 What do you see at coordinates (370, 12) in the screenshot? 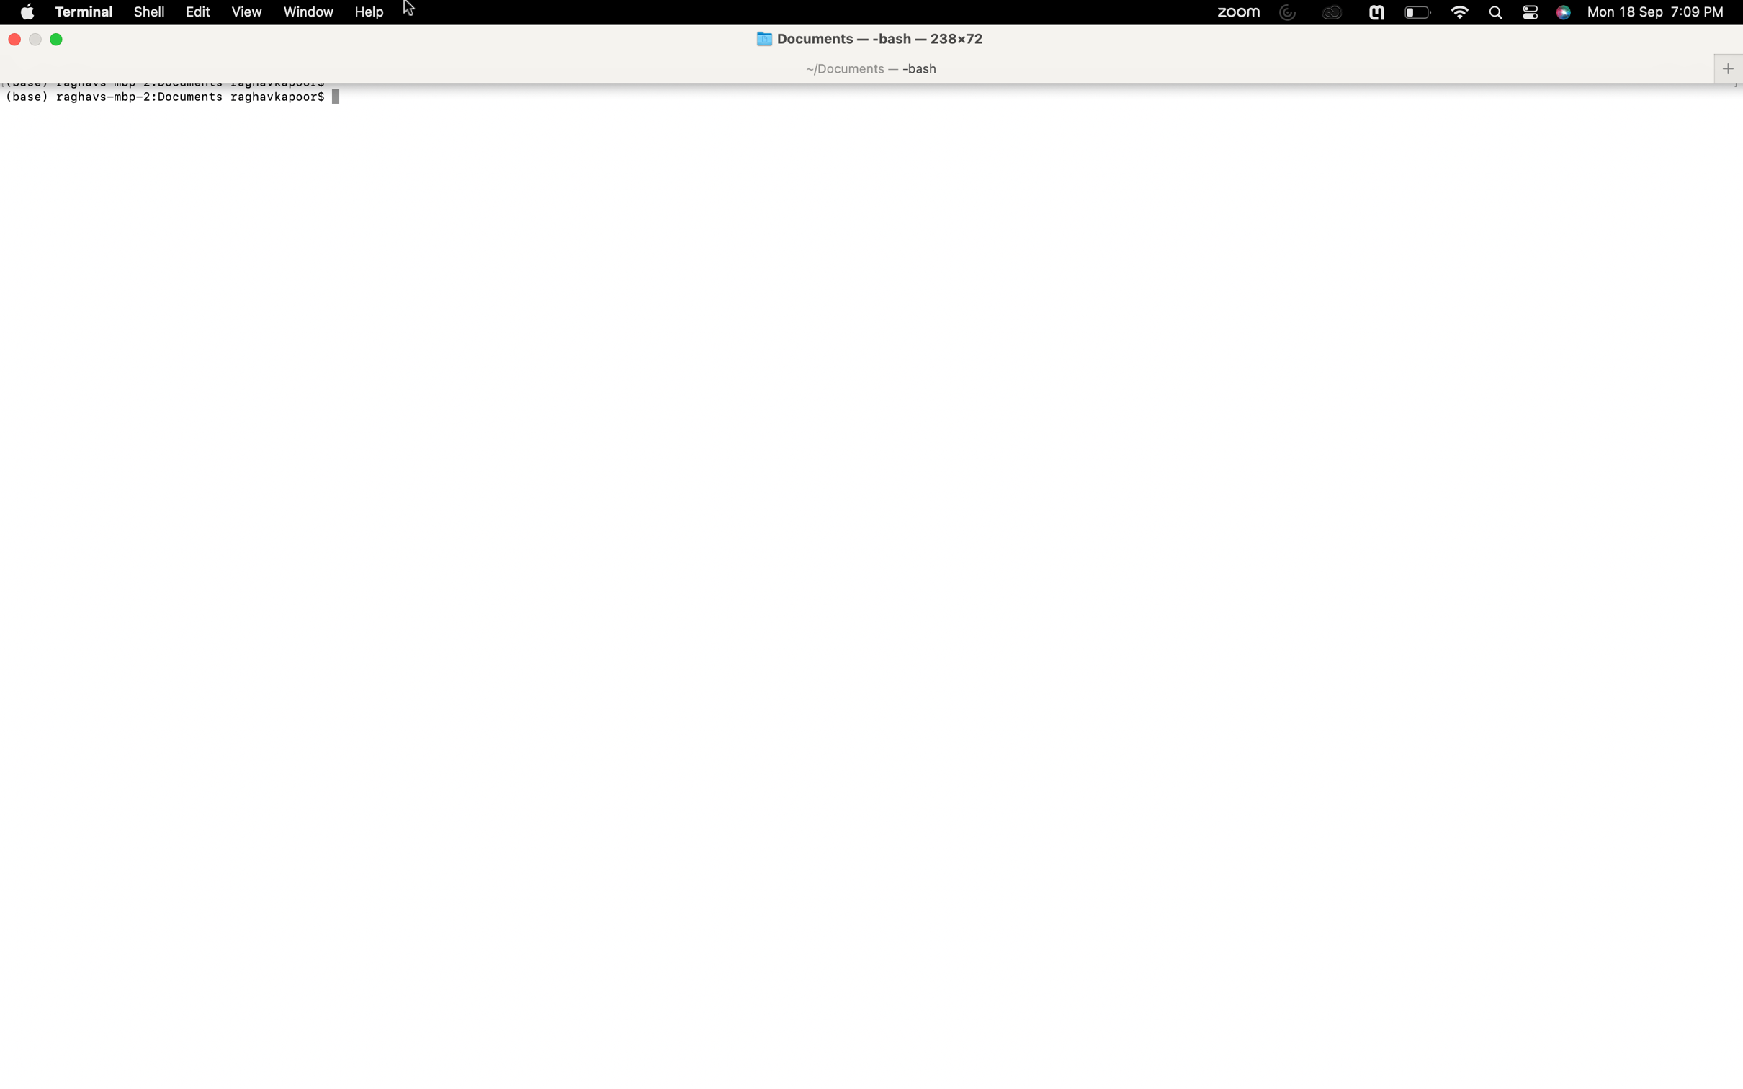
I see `Locate and access the settings in the help options tab` at bounding box center [370, 12].